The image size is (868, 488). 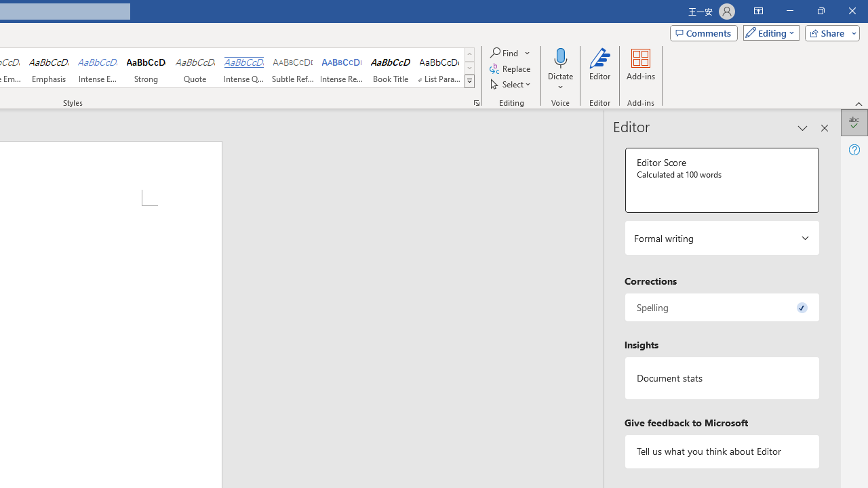 I want to click on 'Mode', so click(x=768, y=32).